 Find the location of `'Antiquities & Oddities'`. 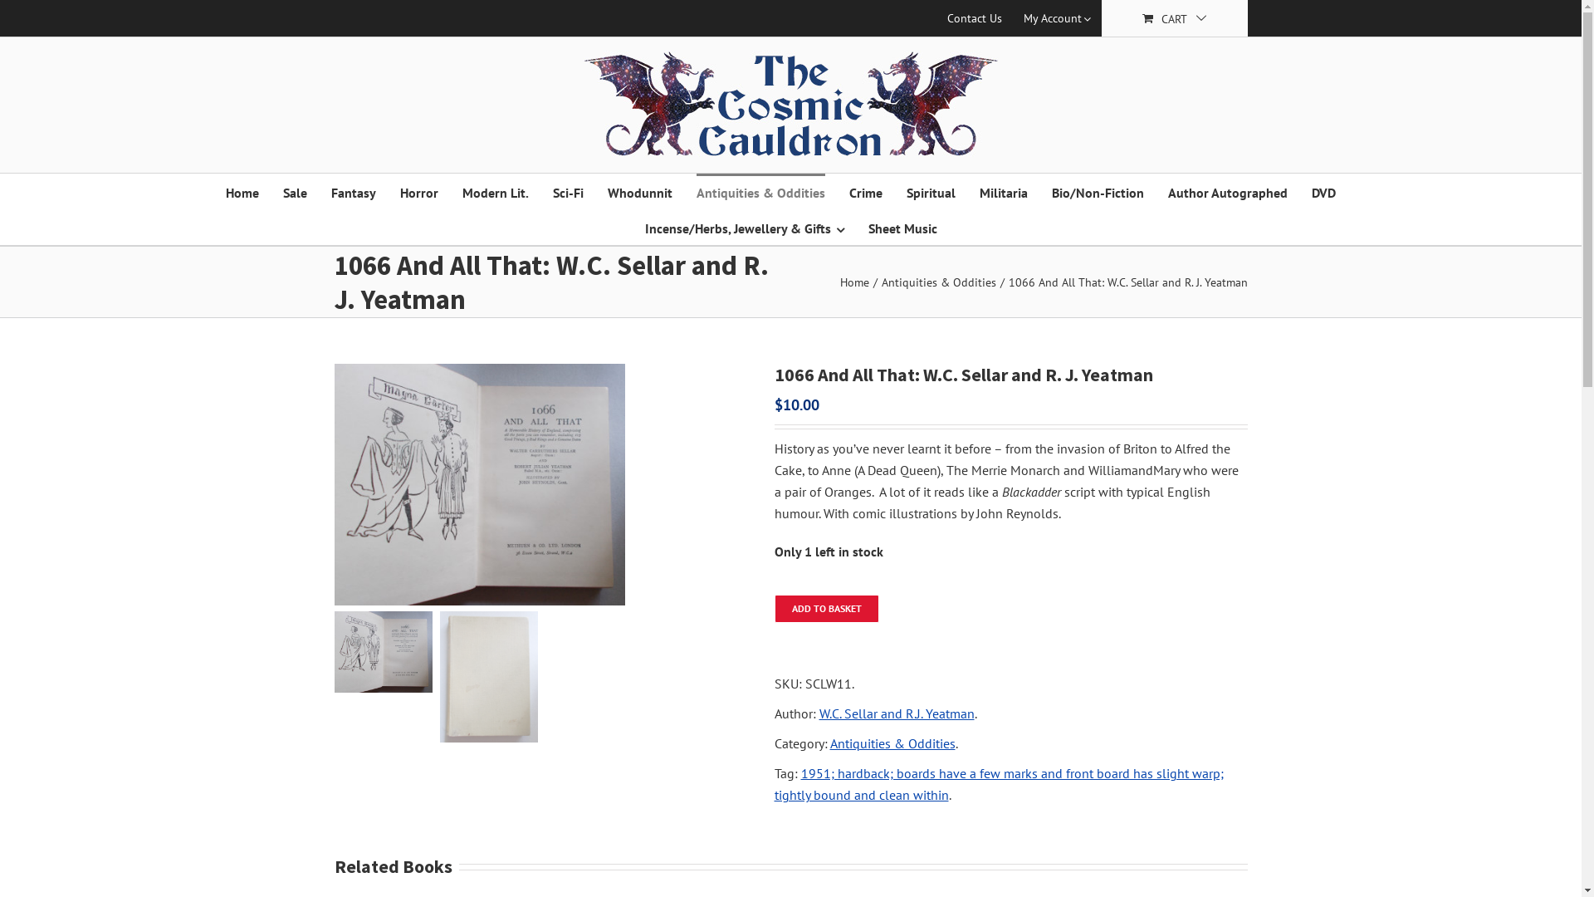

'Antiquities & Oddities' is located at coordinates (939, 281).